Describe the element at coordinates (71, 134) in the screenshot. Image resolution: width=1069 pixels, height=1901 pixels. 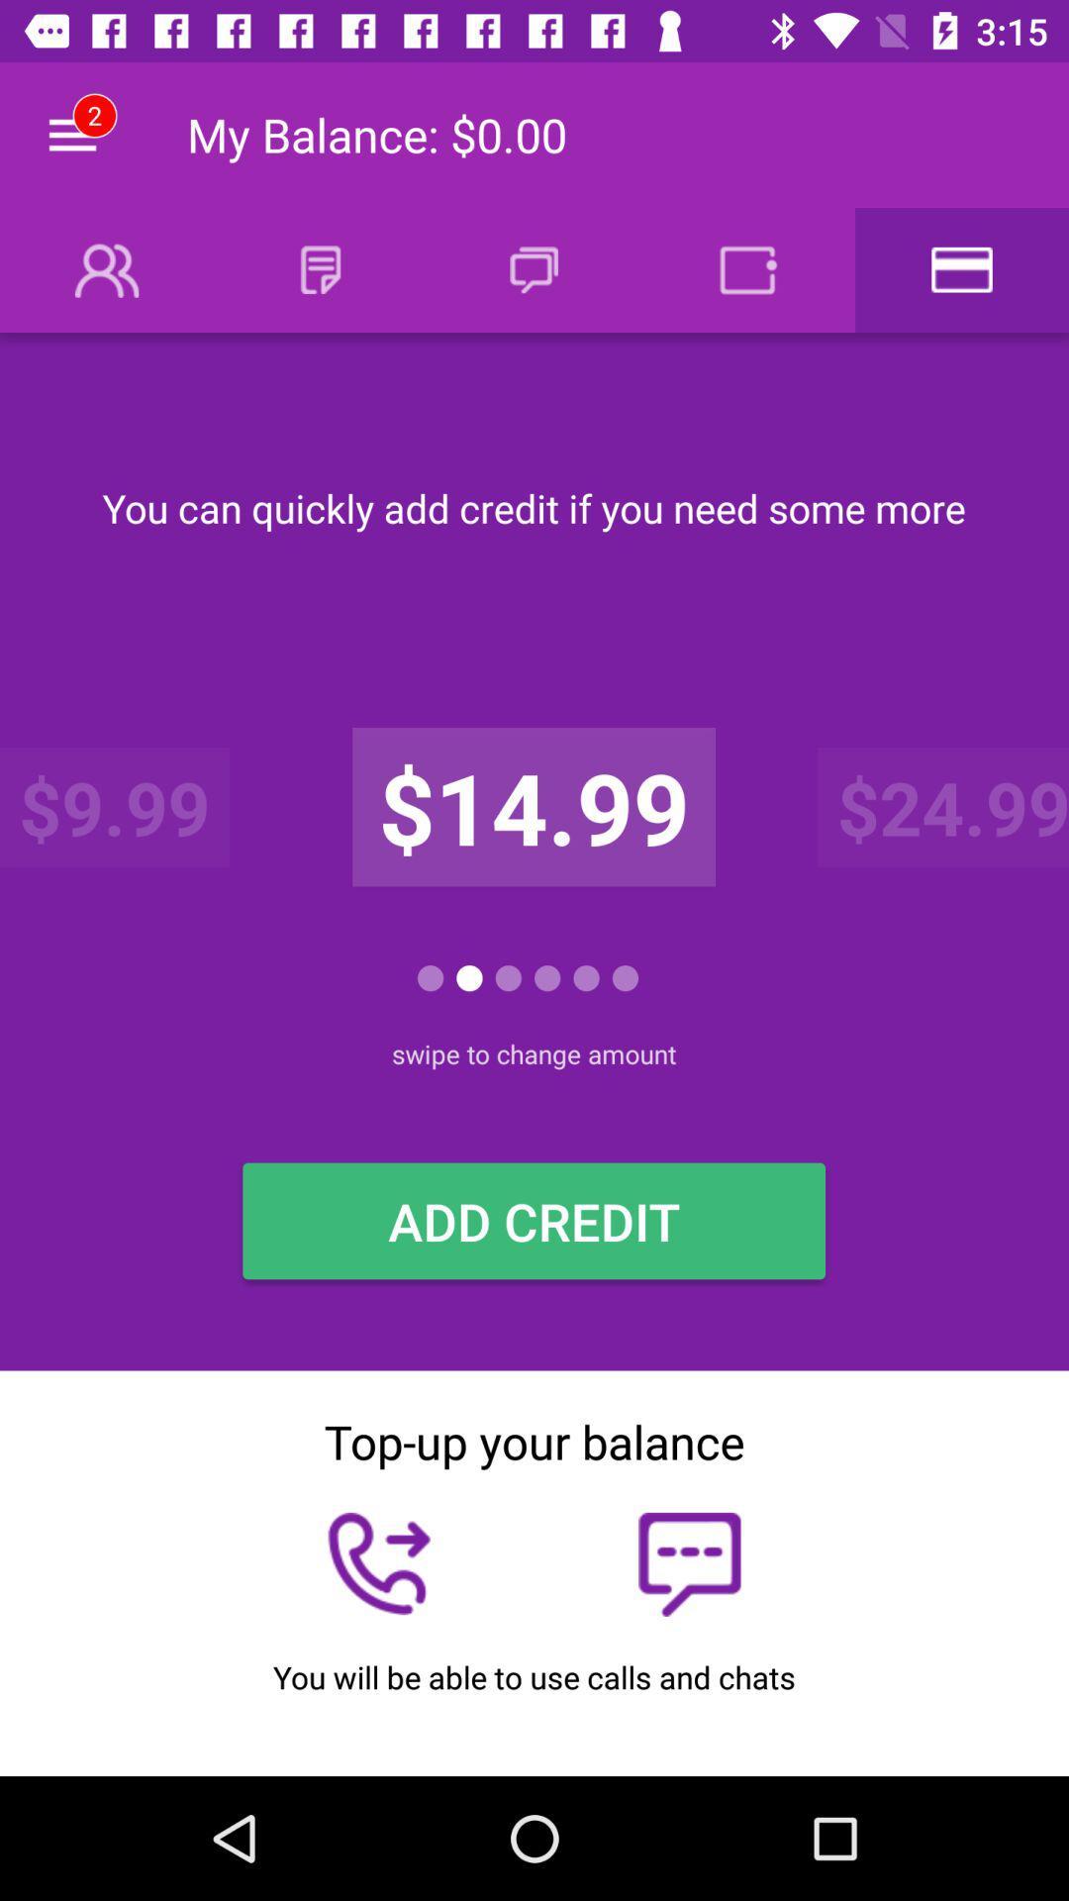
I see `icon to the left of the my balance 0` at that location.